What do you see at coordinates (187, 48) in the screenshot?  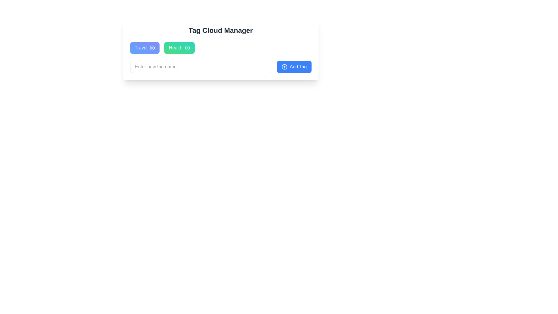 I see `the interactive close or delete button located to the right of the green 'Health' button` at bounding box center [187, 48].